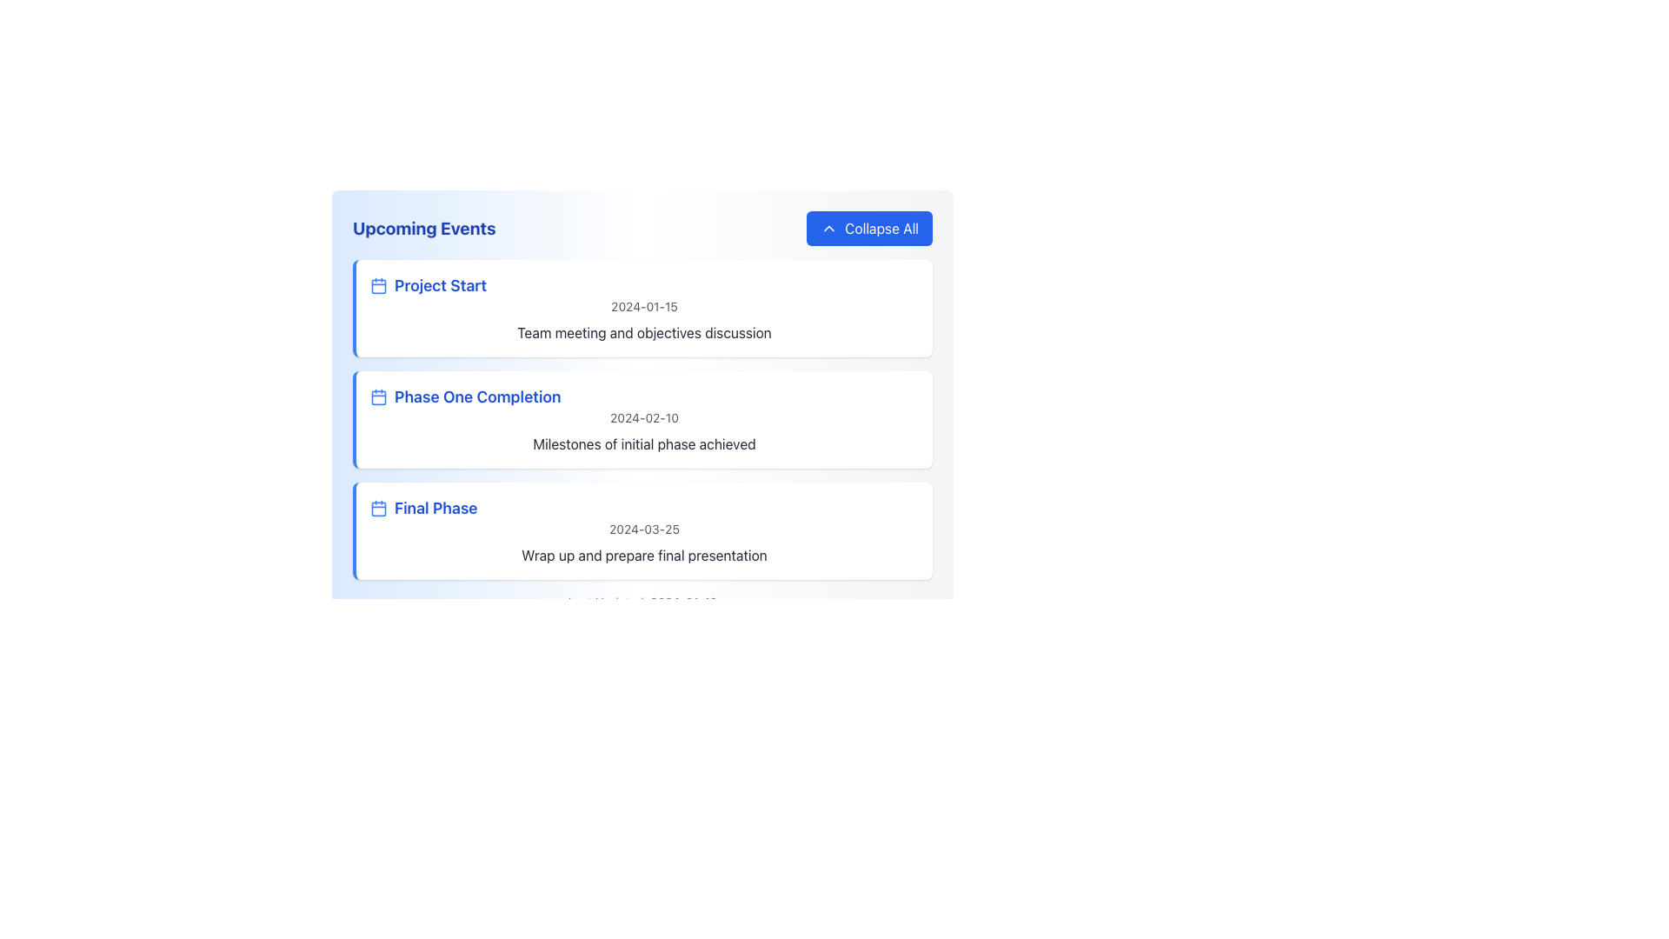 The width and height of the screenshot is (1669, 939). Describe the element at coordinates (828, 227) in the screenshot. I see `the upward-pointing chevron icon located to the left of the 'Collapse All' text on the blue button in the top-right corner of the interface` at that location.